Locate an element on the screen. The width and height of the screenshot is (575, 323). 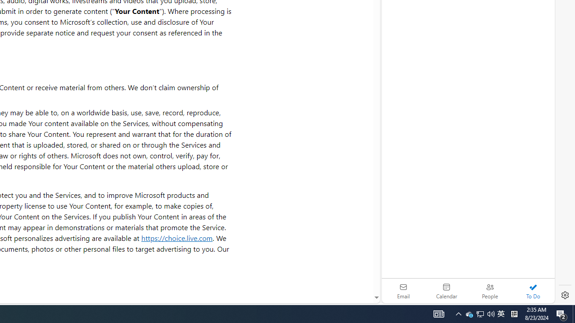
'Calendar. Date today is 22' is located at coordinates (447, 291).